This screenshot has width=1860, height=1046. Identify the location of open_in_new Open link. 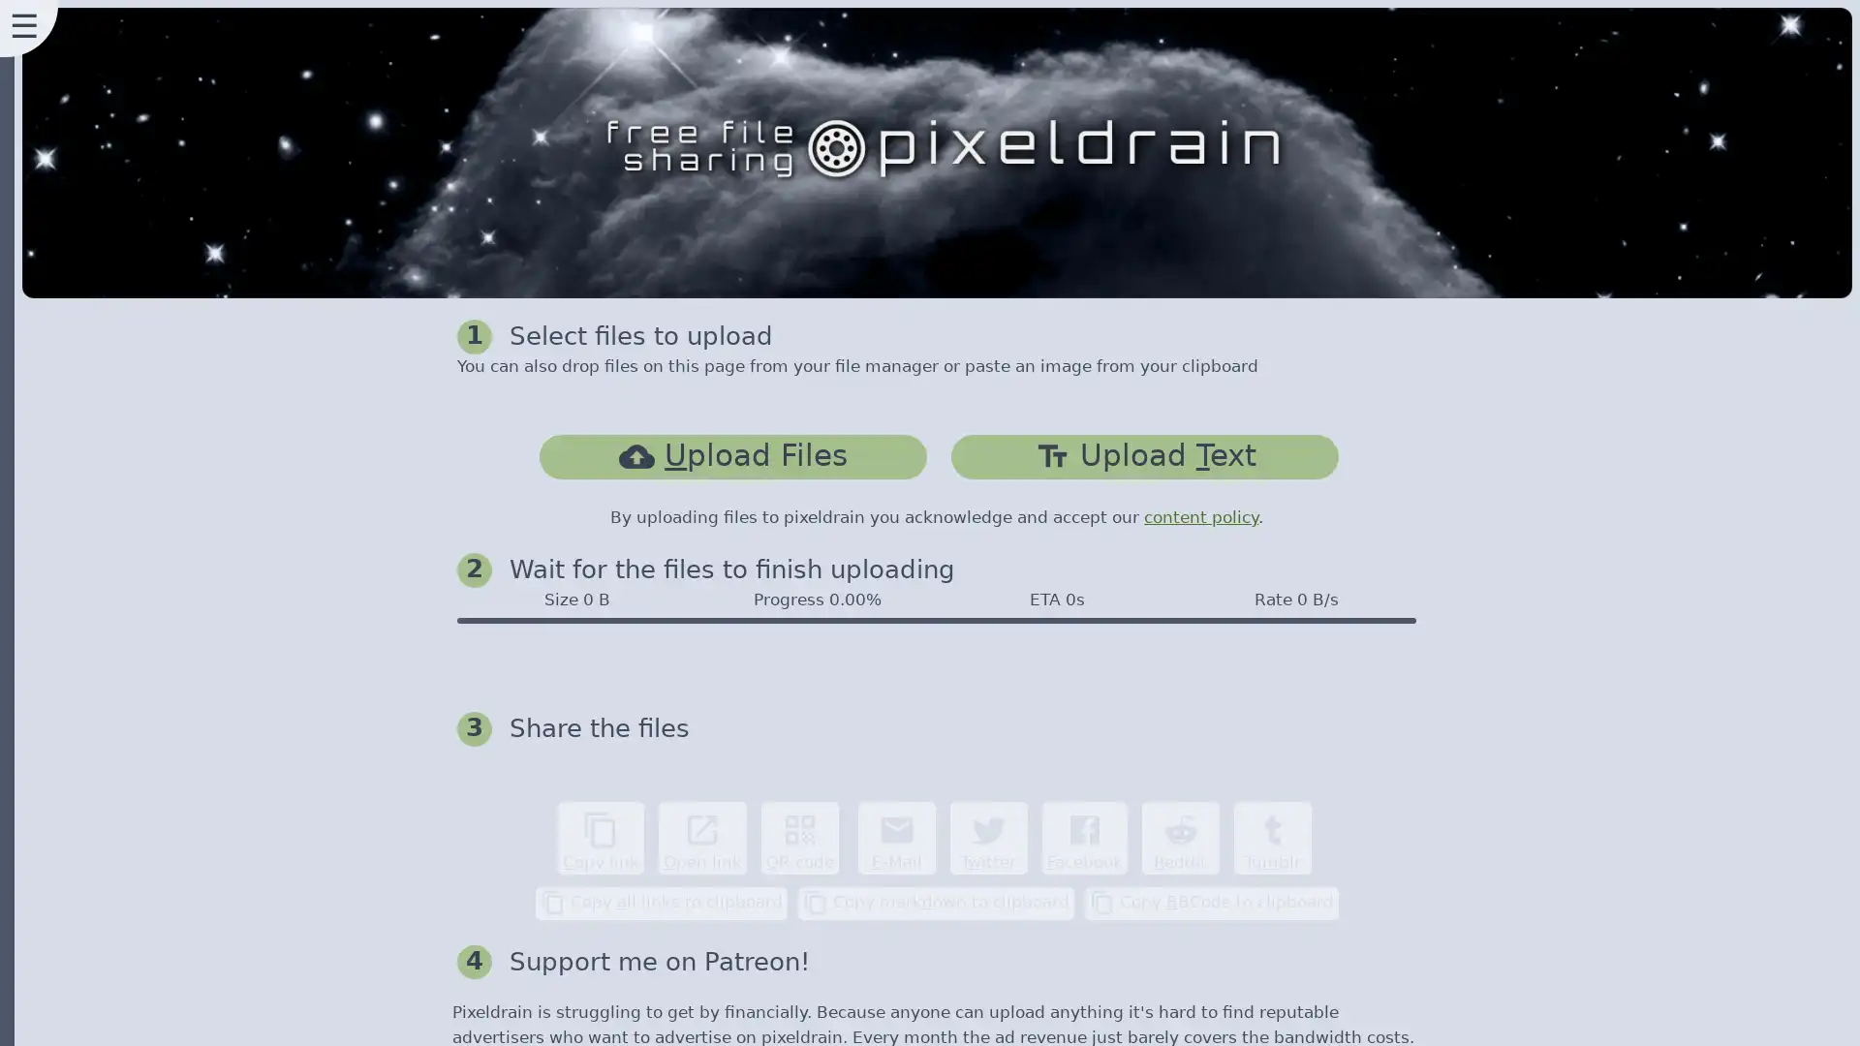
(835, 837).